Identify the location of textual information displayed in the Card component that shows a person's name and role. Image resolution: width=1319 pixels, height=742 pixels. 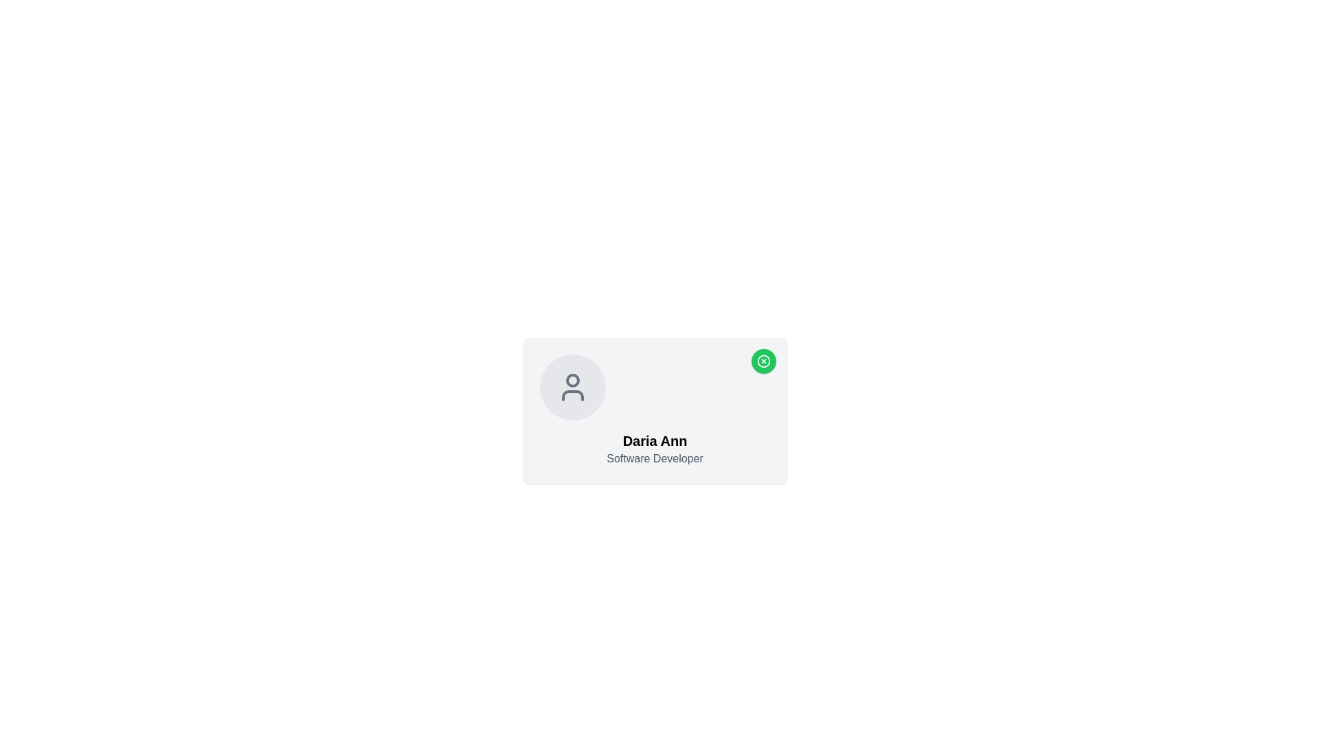
(654, 409).